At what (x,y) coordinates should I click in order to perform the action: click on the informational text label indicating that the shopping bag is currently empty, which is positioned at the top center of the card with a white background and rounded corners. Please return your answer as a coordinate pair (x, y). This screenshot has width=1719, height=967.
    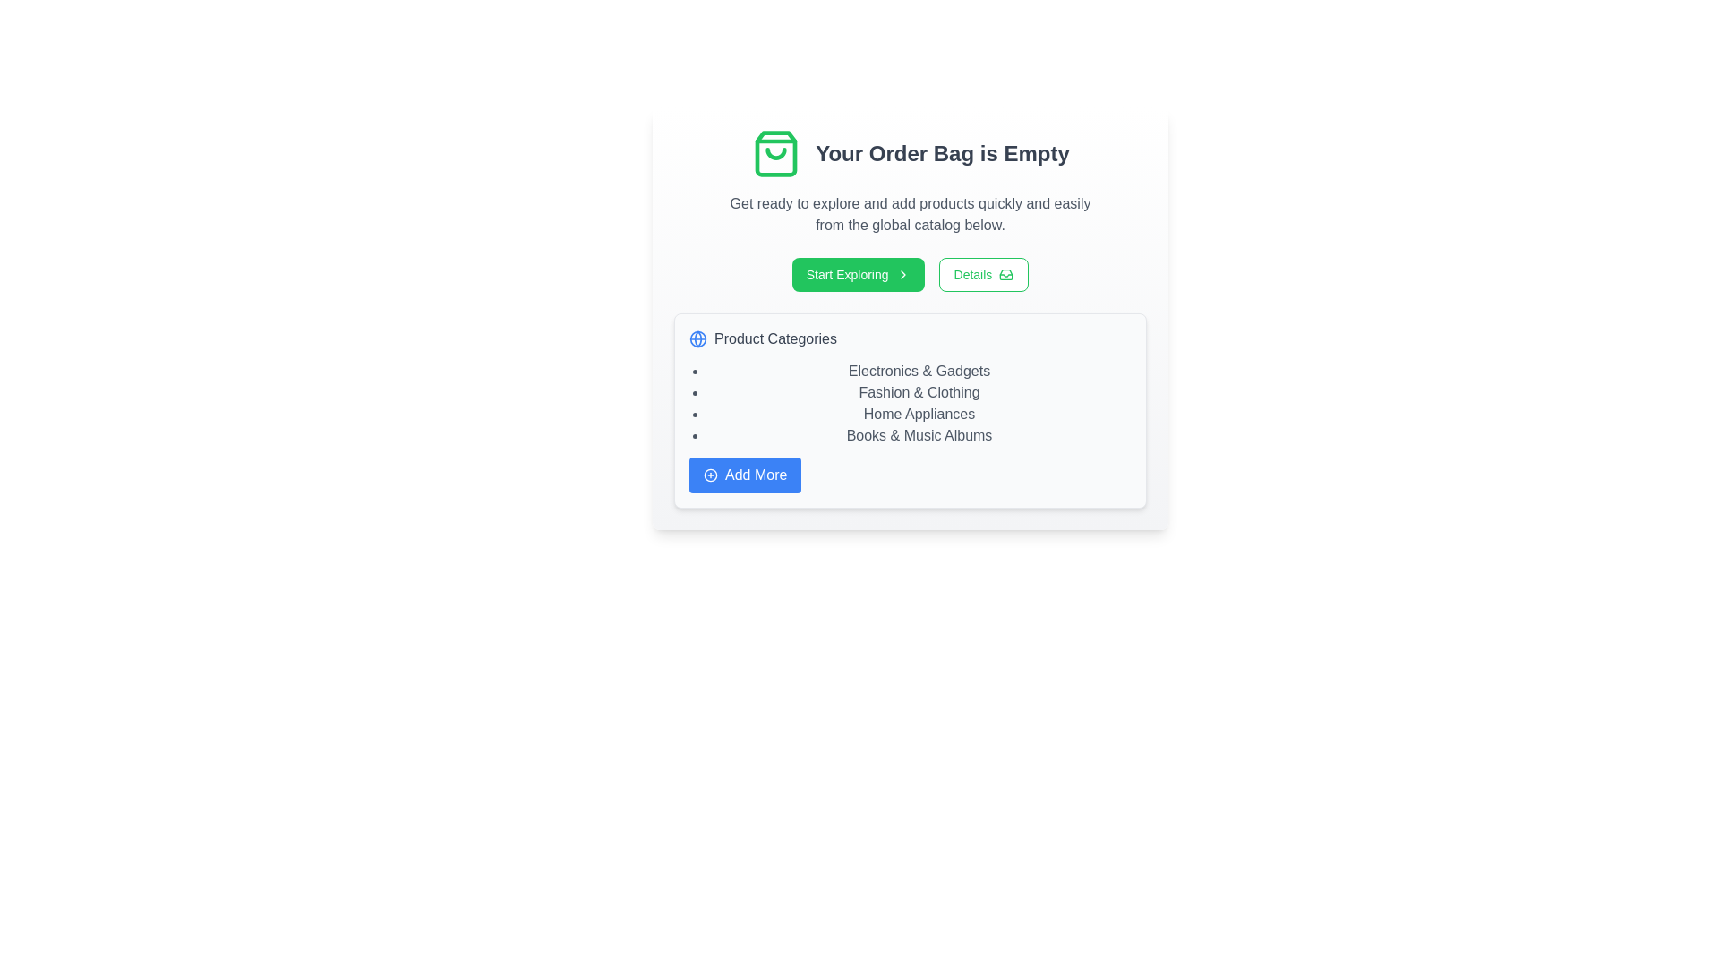
    Looking at the image, I should click on (911, 153).